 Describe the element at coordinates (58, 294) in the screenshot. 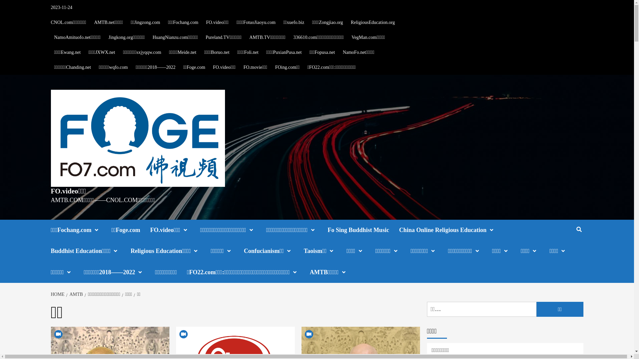

I see `'HOME'` at that location.